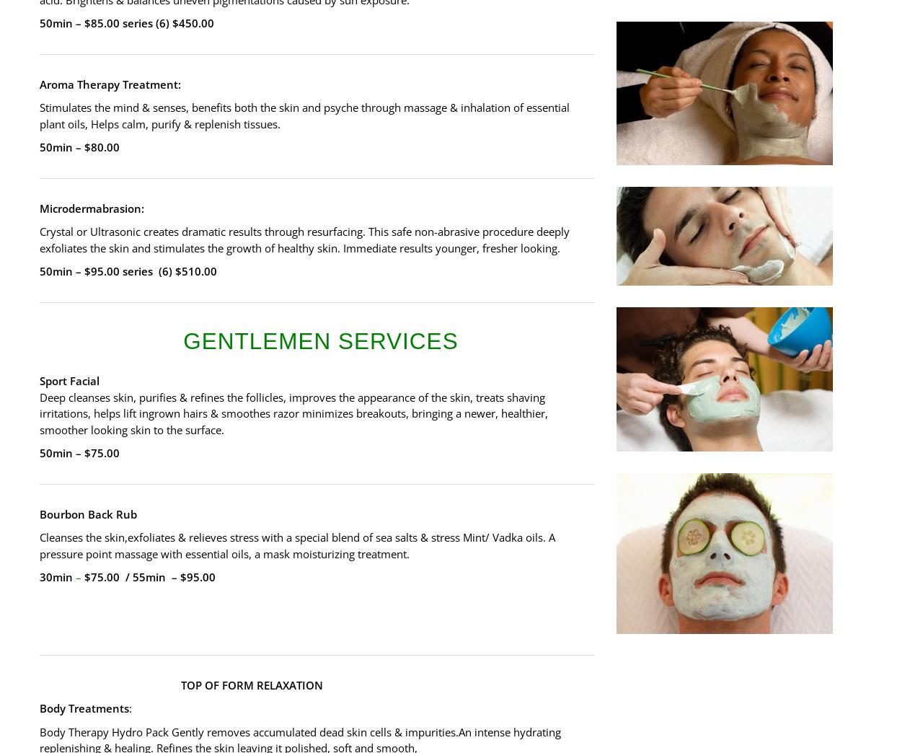 The image size is (923, 753). Describe the element at coordinates (130, 708) in the screenshot. I see `':'` at that location.